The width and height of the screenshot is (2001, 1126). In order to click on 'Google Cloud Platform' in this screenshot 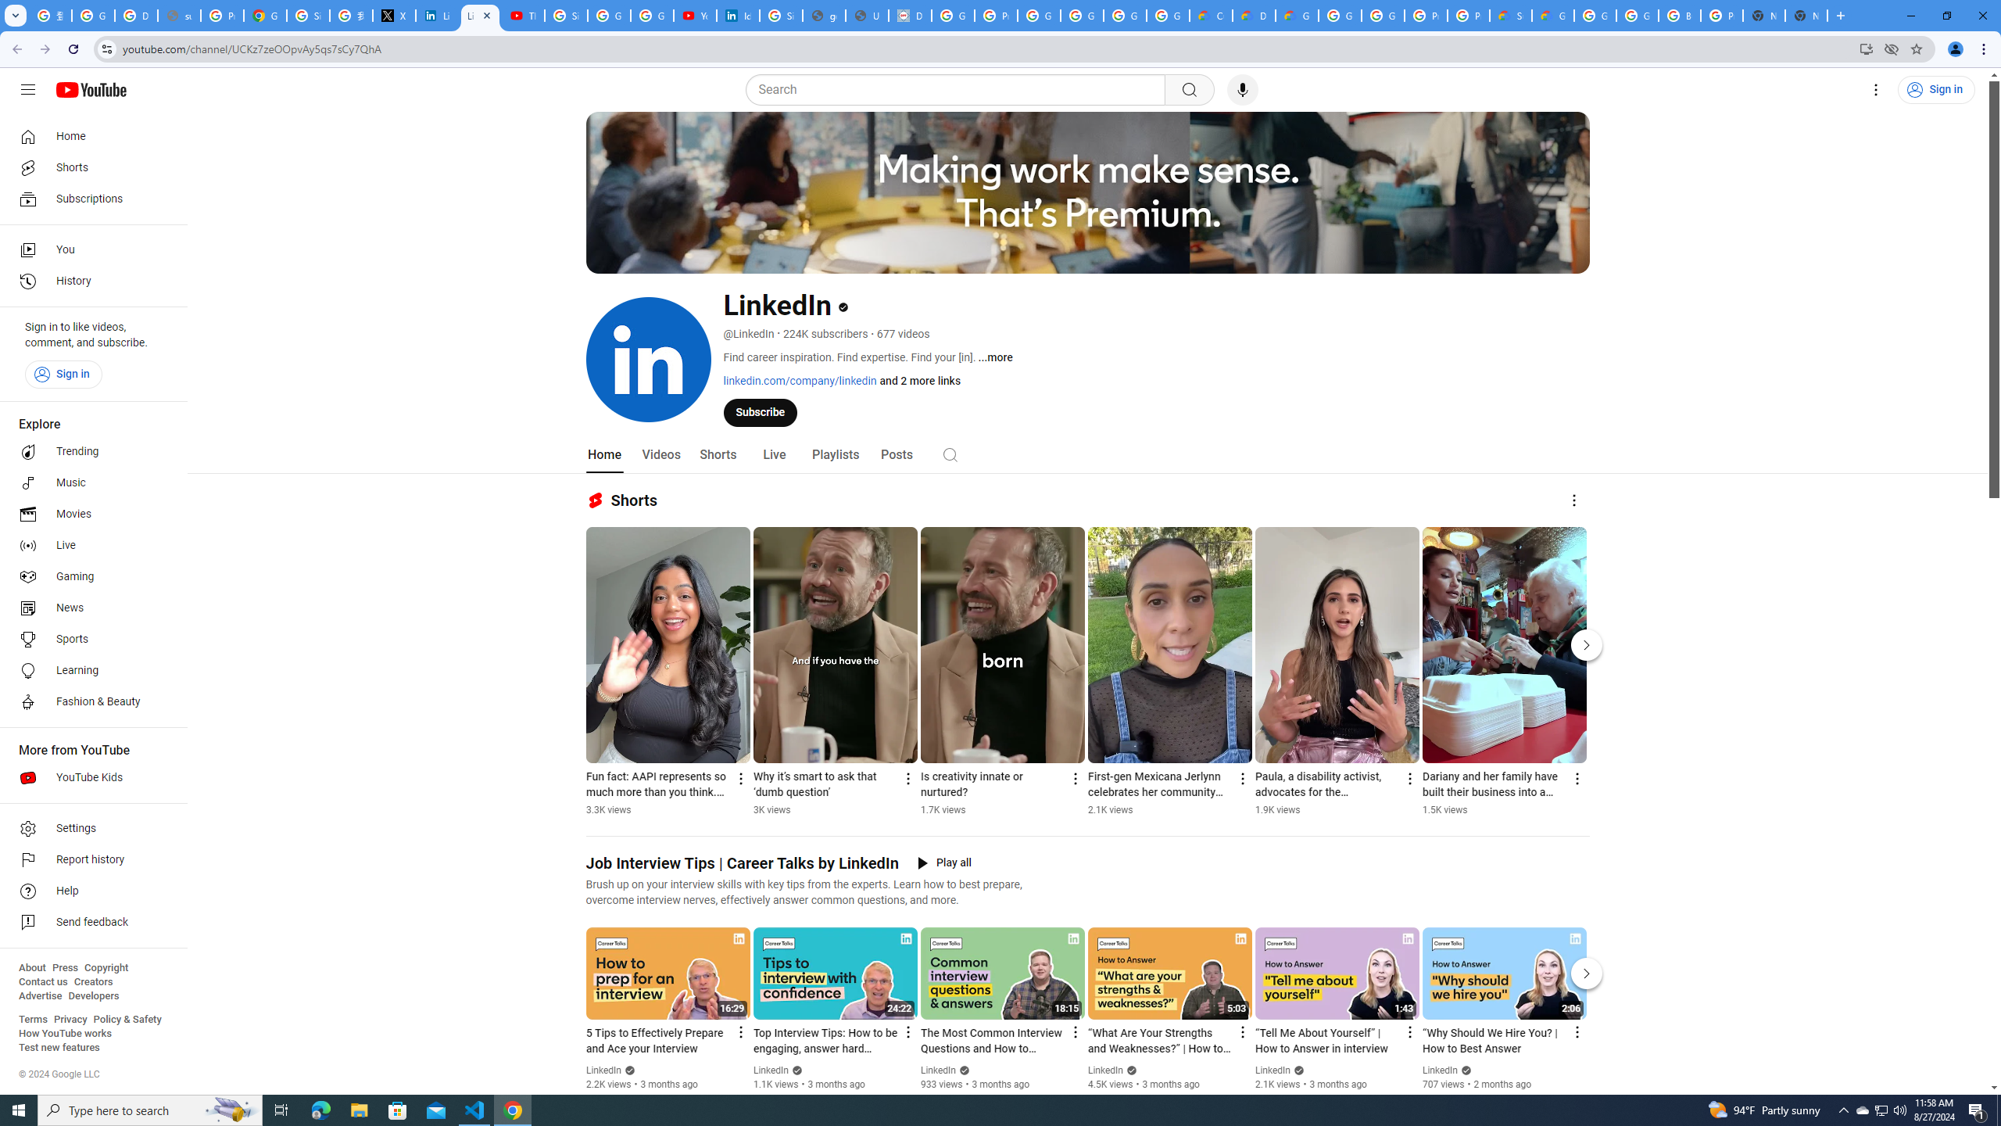, I will do `click(1338, 15)`.